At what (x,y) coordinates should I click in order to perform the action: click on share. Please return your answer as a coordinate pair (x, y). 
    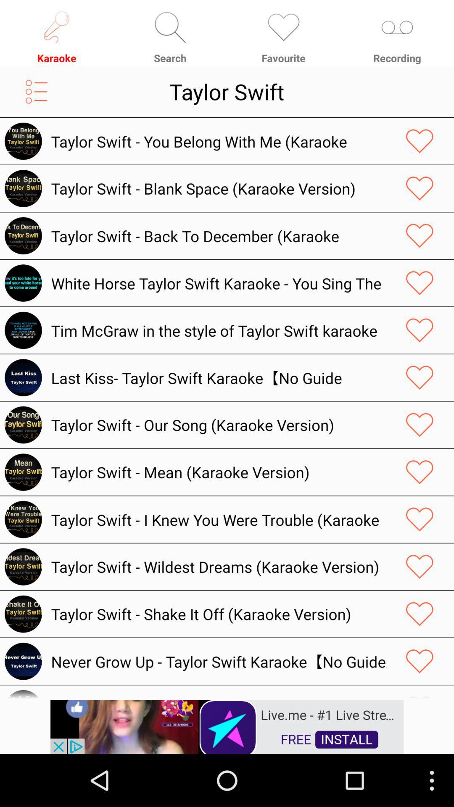
    Looking at the image, I should click on (420, 425).